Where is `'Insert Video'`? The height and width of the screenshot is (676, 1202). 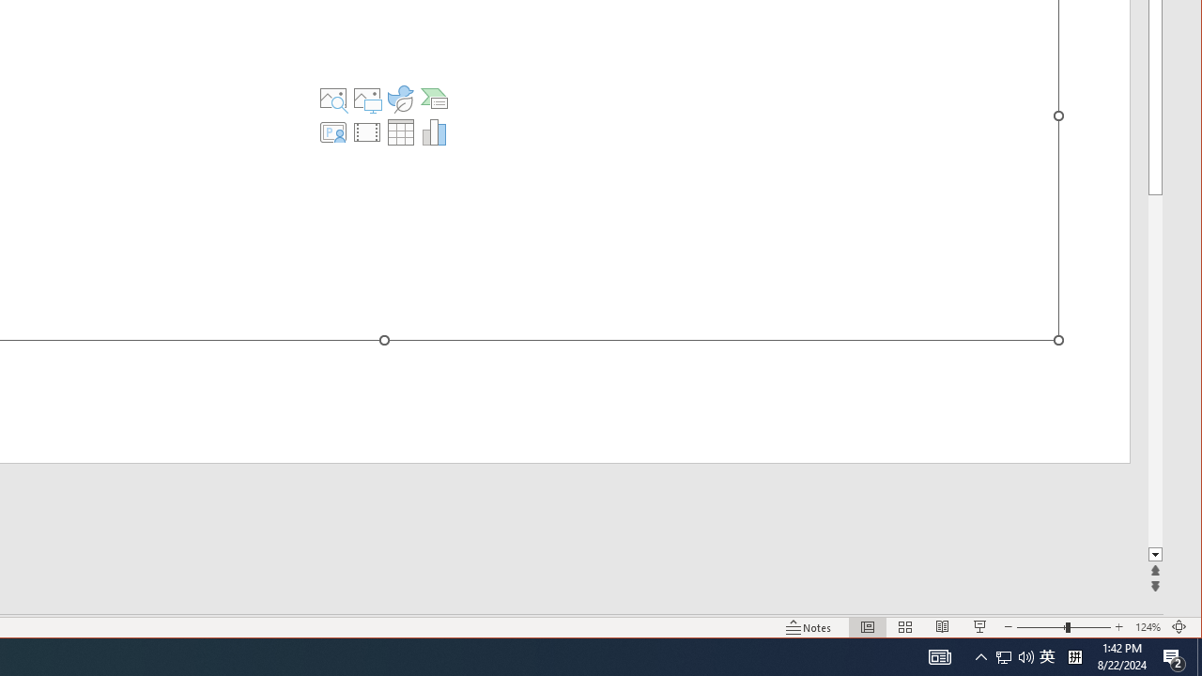
'Insert Video' is located at coordinates (367, 131).